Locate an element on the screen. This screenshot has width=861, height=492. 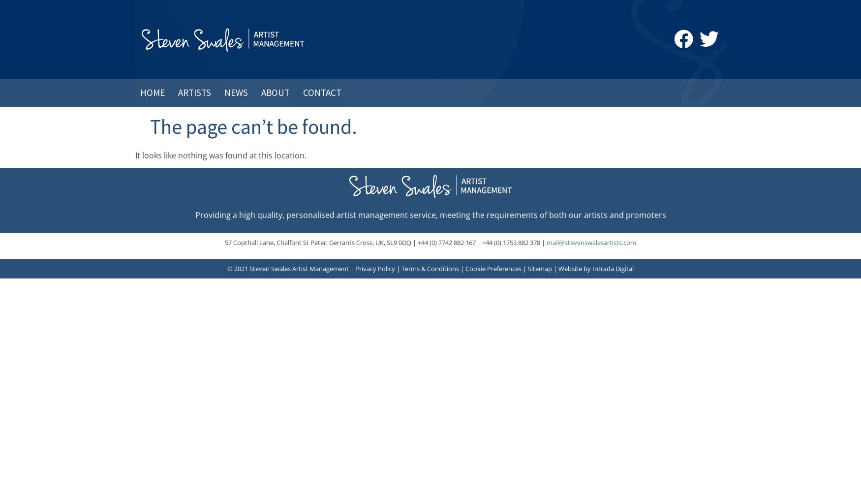
'It looks like nothing was found at this location.' is located at coordinates (134, 154).